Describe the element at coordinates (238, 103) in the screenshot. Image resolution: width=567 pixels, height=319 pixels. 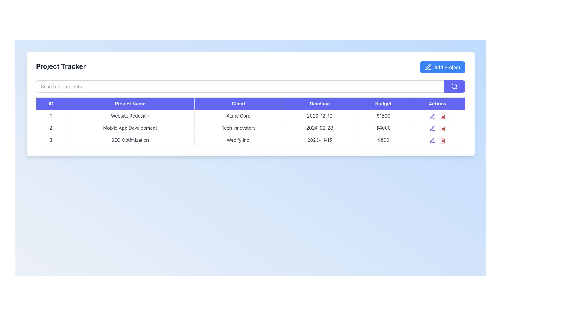
I see `the text label 'Client', which is the third column header in the table, styled with white text on a purple background` at that location.